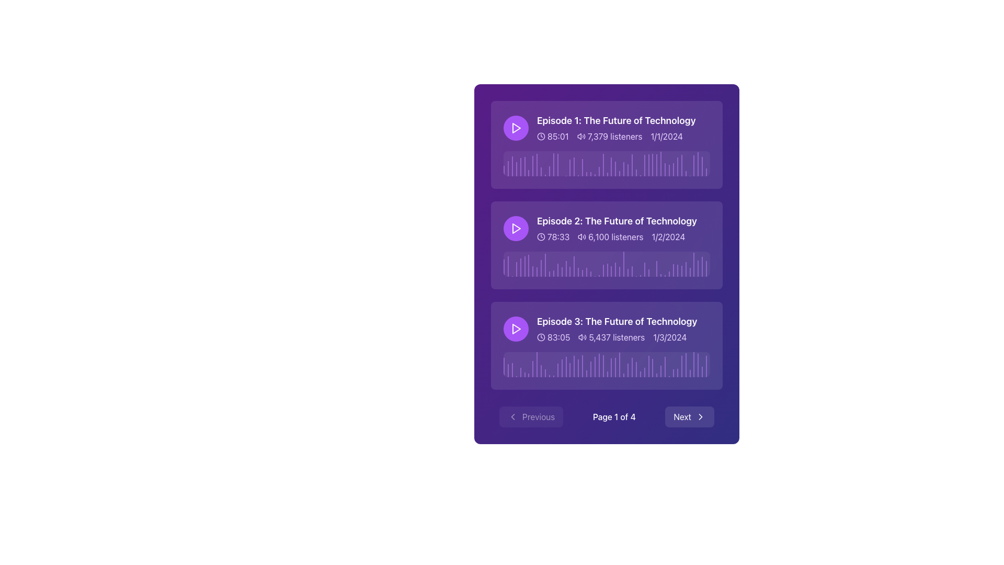 This screenshot has height=565, width=1004. I want to click on the translucent purple vertical bar located in the middle of the waveform display to interact with it, so click(603, 165).